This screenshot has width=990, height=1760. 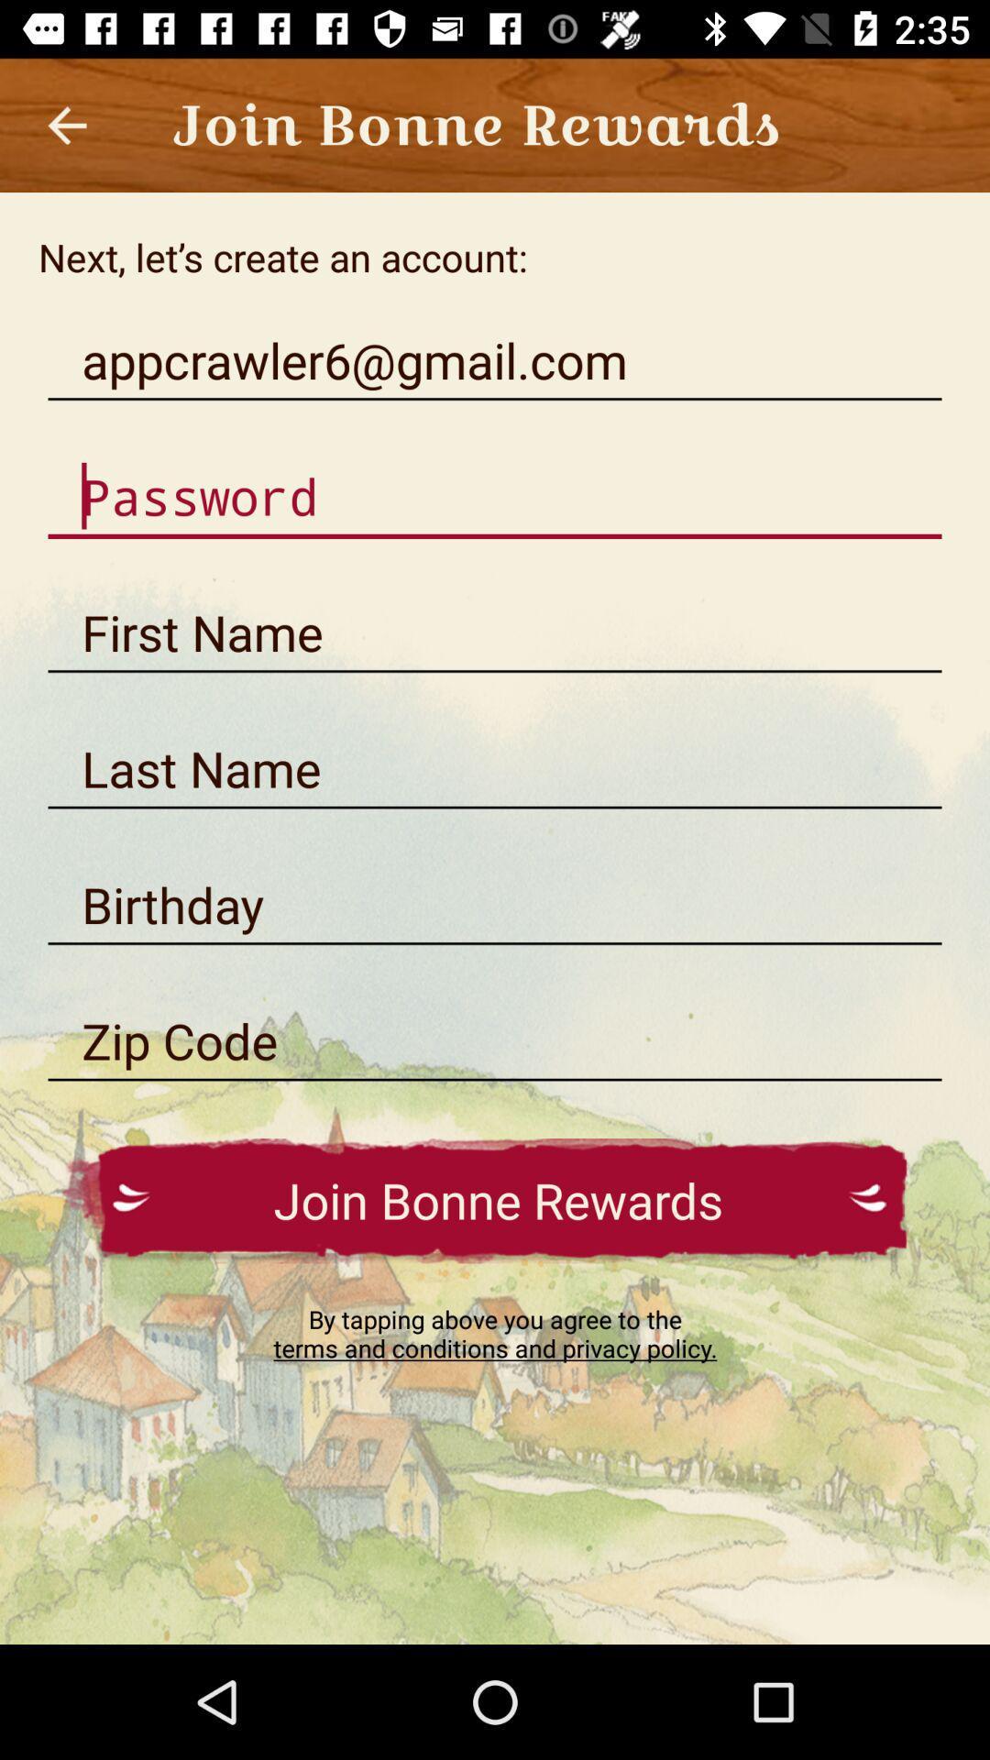 What do you see at coordinates (495, 1041) in the screenshot?
I see `zip code` at bounding box center [495, 1041].